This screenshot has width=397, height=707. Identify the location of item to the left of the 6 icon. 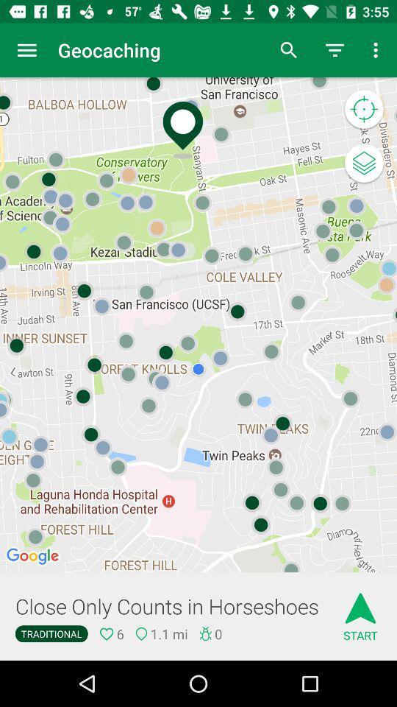
(51, 633).